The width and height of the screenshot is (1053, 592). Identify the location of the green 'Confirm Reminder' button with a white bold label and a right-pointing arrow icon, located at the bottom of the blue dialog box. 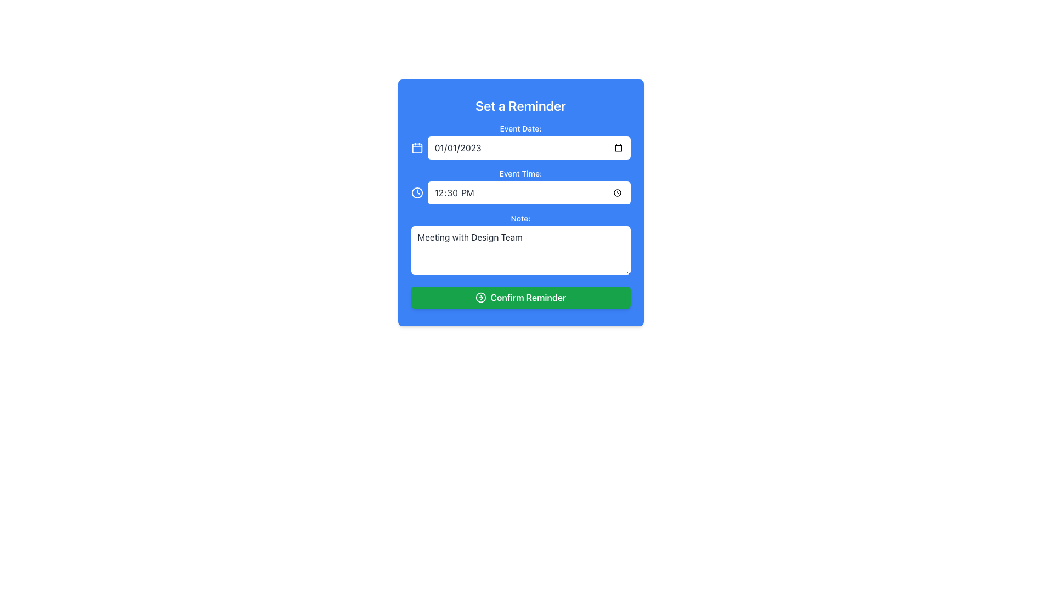
(520, 298).